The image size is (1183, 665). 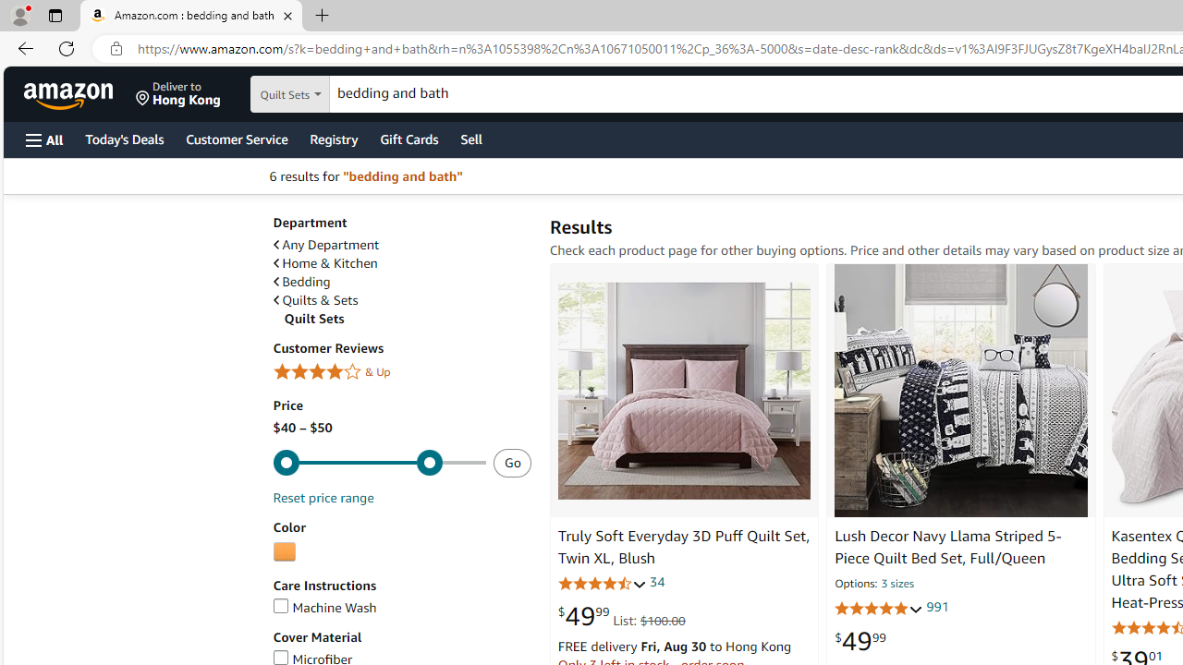 What do you see at coordinates (44, 139) in the screenshot?
I see `'Open Menu'` at bounding box center [44, 139].